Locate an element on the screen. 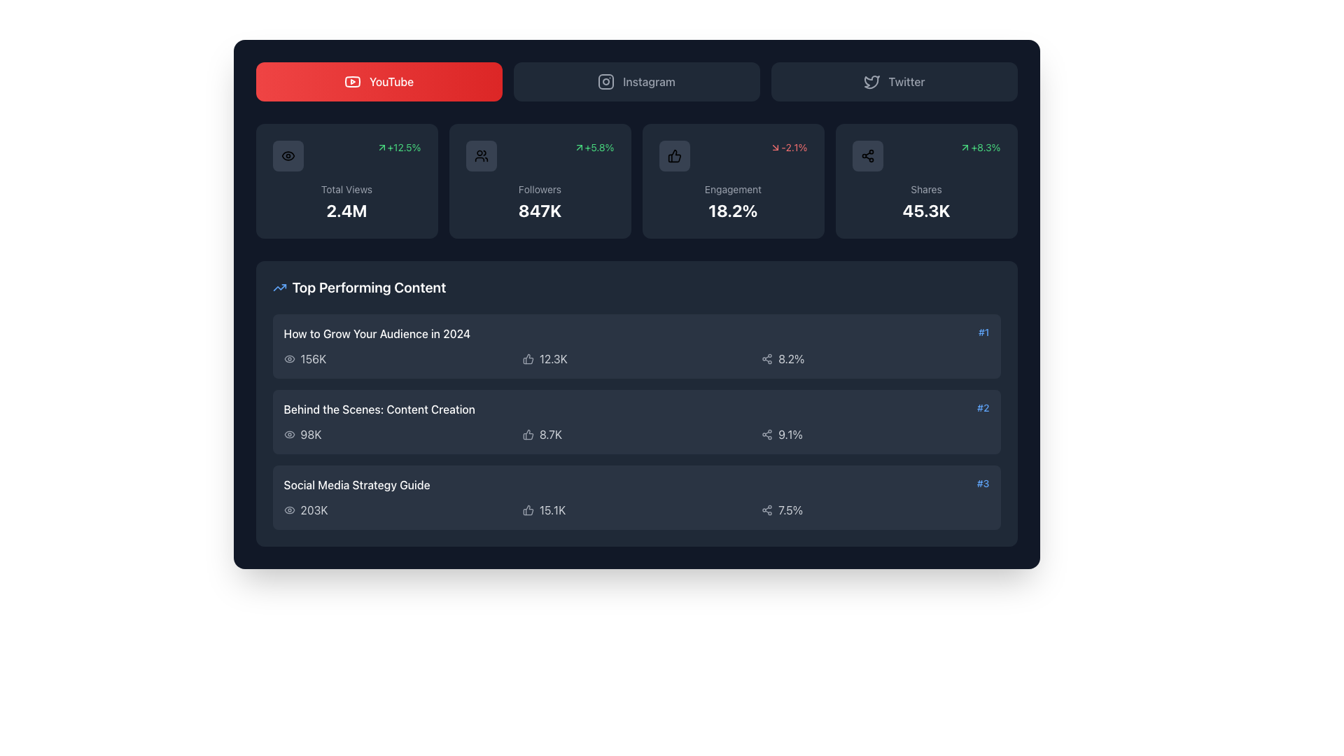  the thumb icon associated with approval or 'like' located in the 'Engagement' metric box on the dashboard is located at coordinates (674, 156).